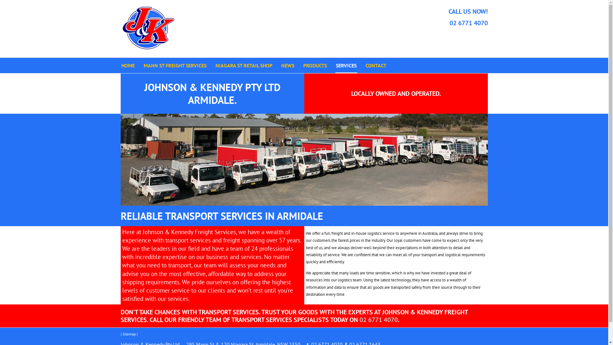 Image resolution: width=613 pixels, height=345 pixels. I want to click on 'HOME', so click(128, 65).